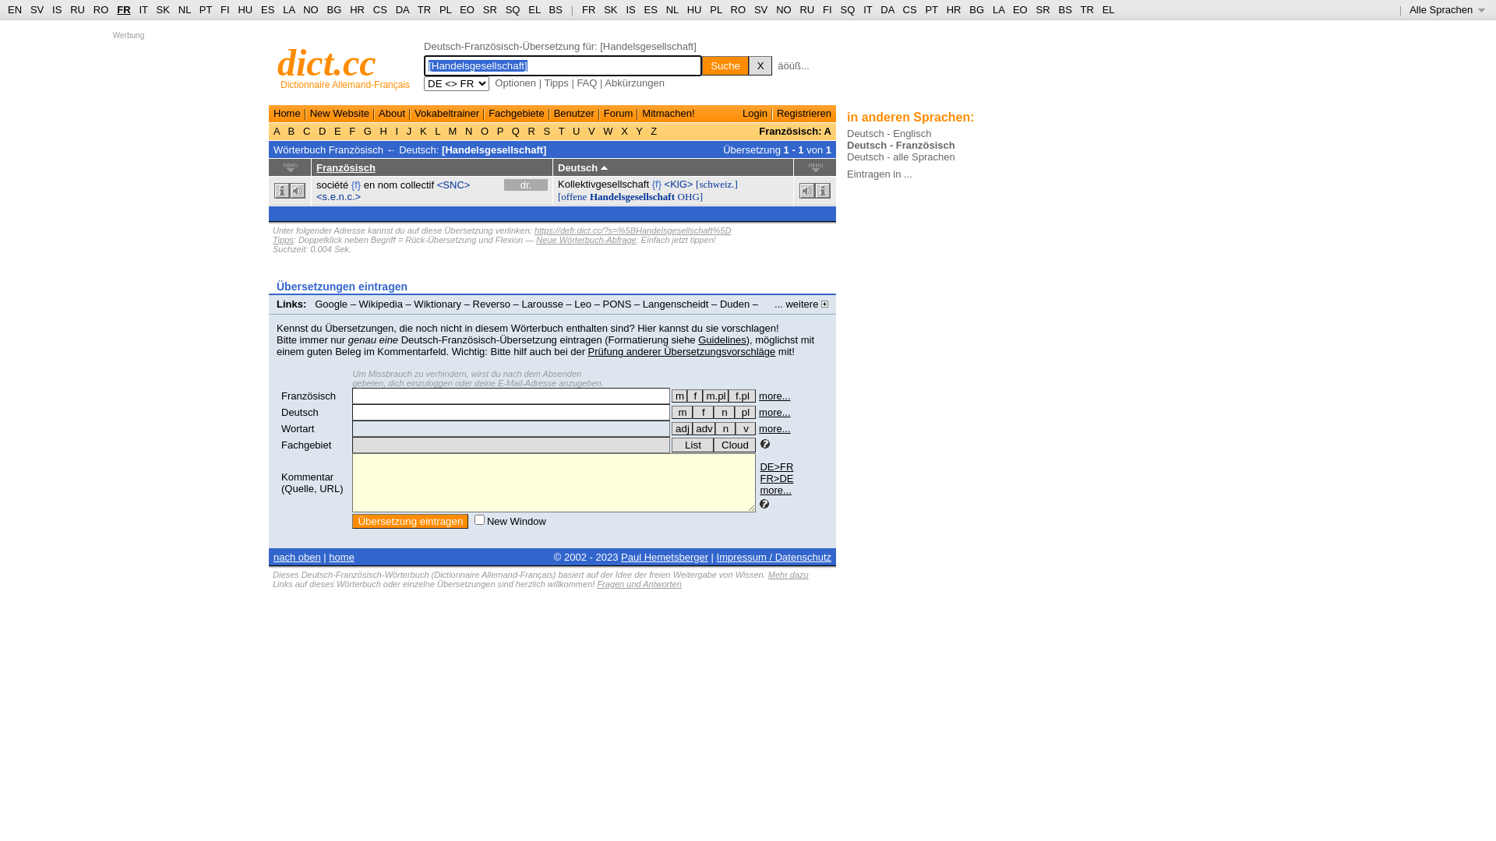 The height and width of the screenshot is (841, 1496). Describe the element at coordinates (733, 445) in the screenshot. I see `'Cloud'` at that location.